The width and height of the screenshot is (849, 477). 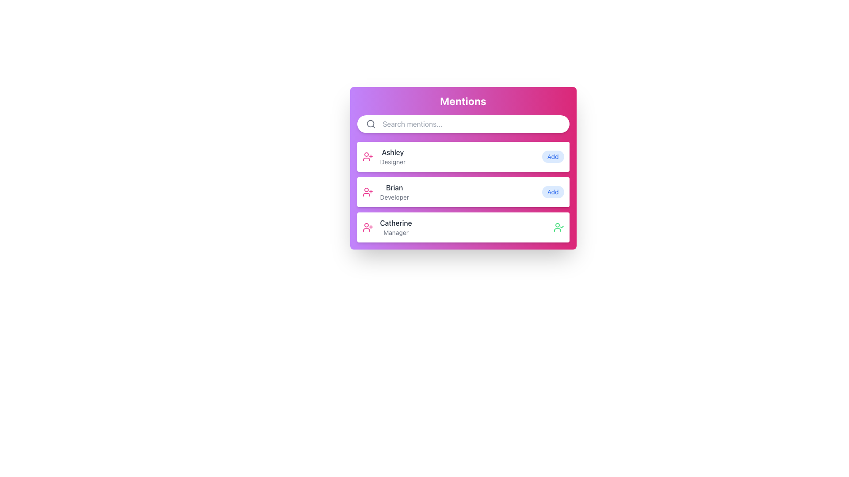 I want to click on the leftmost icon in the card for 'Brian', the second card in the list, so click(x=367, y=192).